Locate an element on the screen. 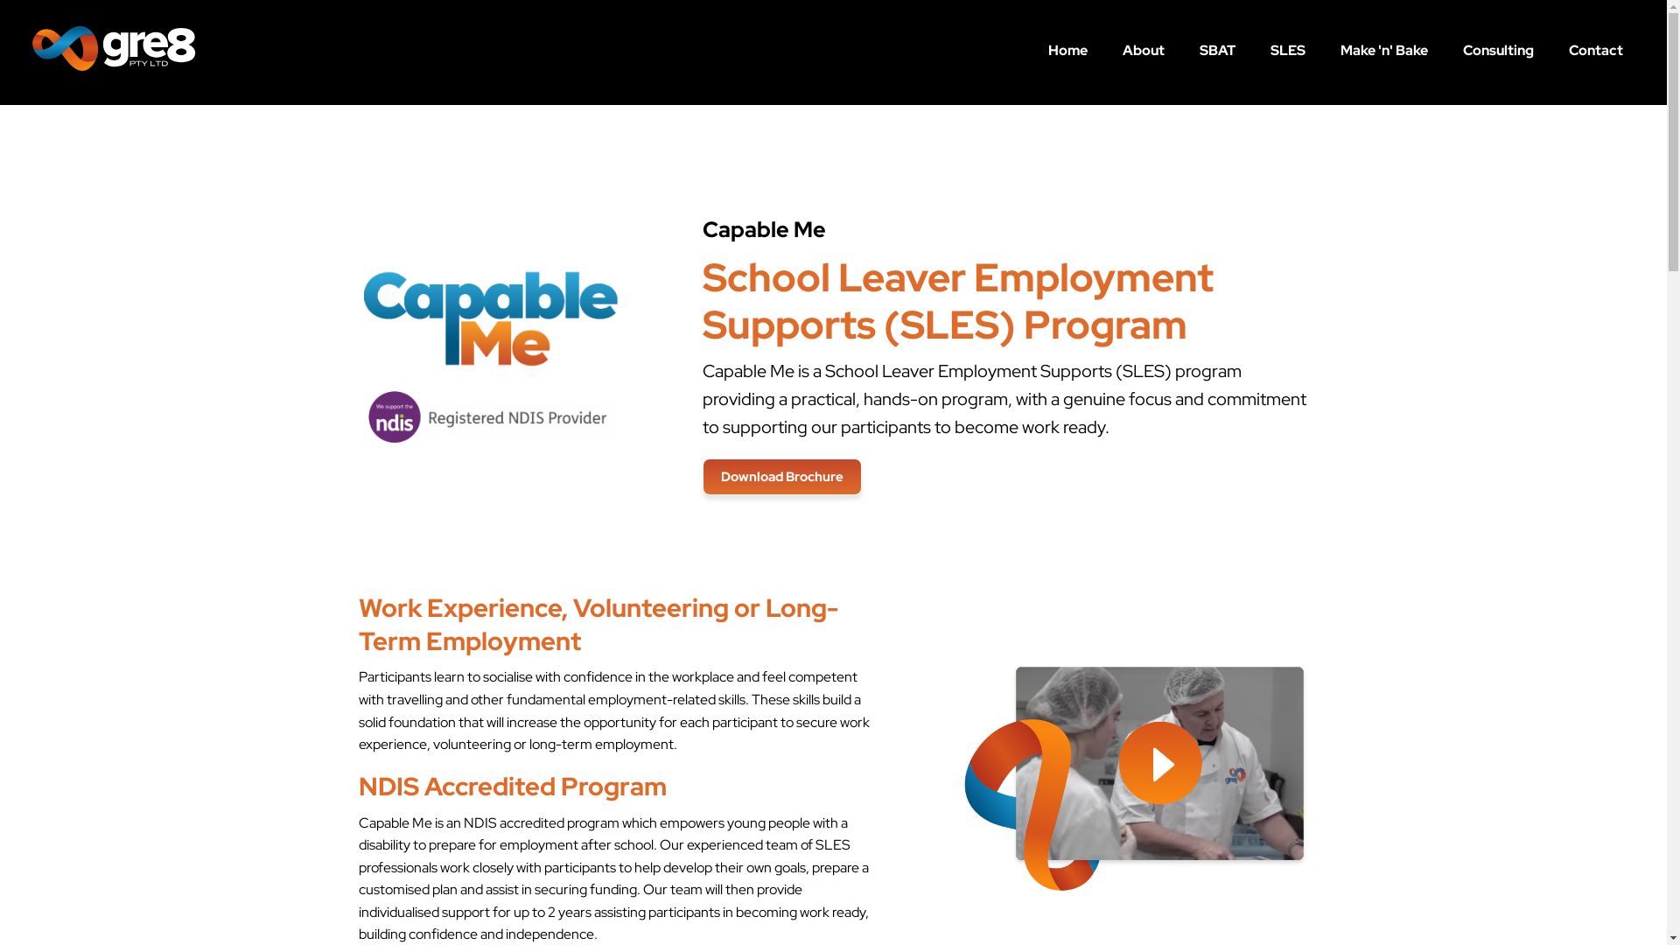  'Contact' is located at coordinates (1550, 49).